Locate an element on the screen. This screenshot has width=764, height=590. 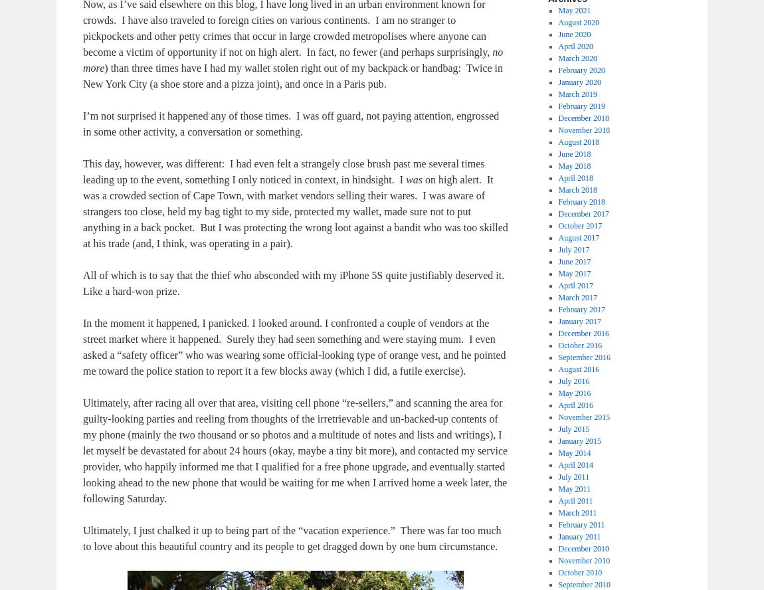
') than three times have I had my wallet stolen right out of my backpack or handbag:  Twice in New York City (a shoe store and a pizza joint), and once in a Paris pub.' is located at coordinates (293, 76).